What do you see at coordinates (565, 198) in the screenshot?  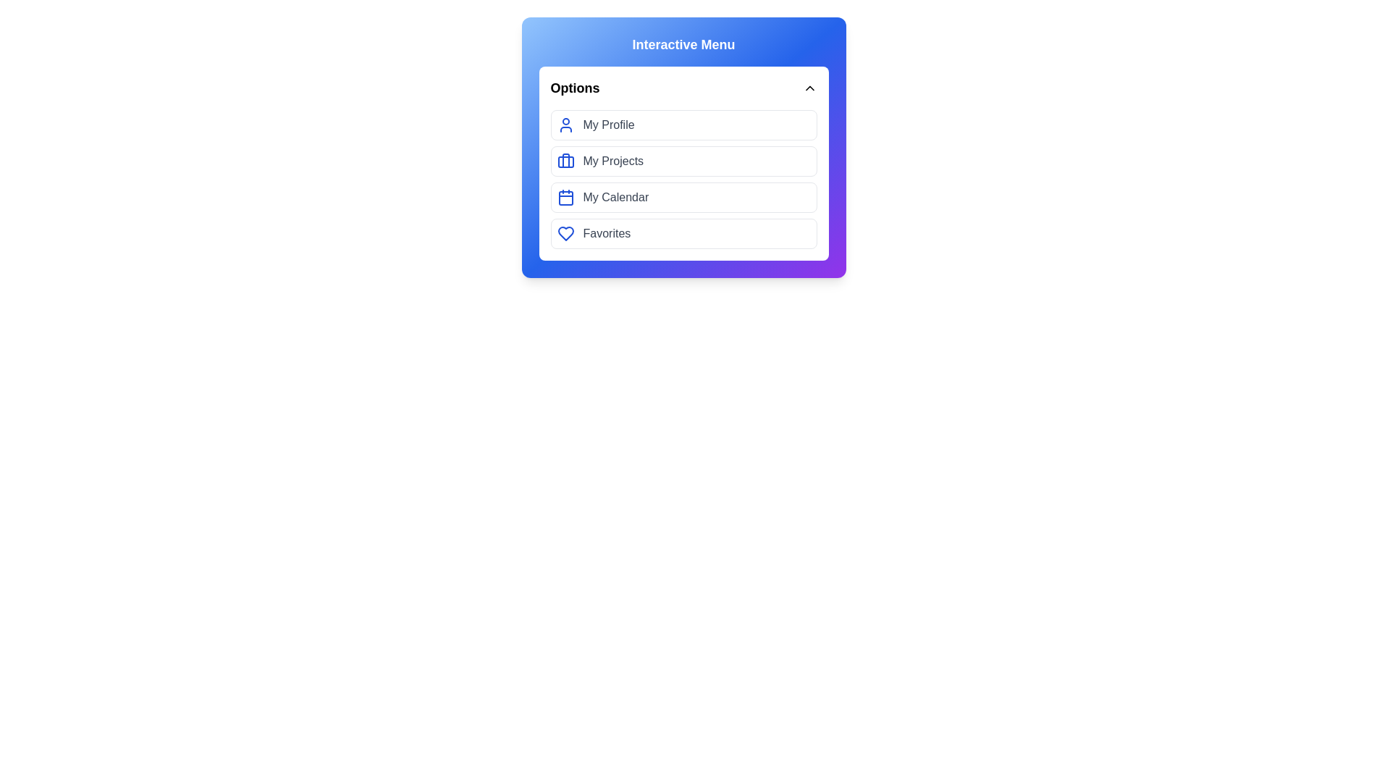 I see `the calendar icon with a blue stroke located in the menu under 'My Calendar', which is the third icon in a vertical list of icons` at bounding box center [565, 198].